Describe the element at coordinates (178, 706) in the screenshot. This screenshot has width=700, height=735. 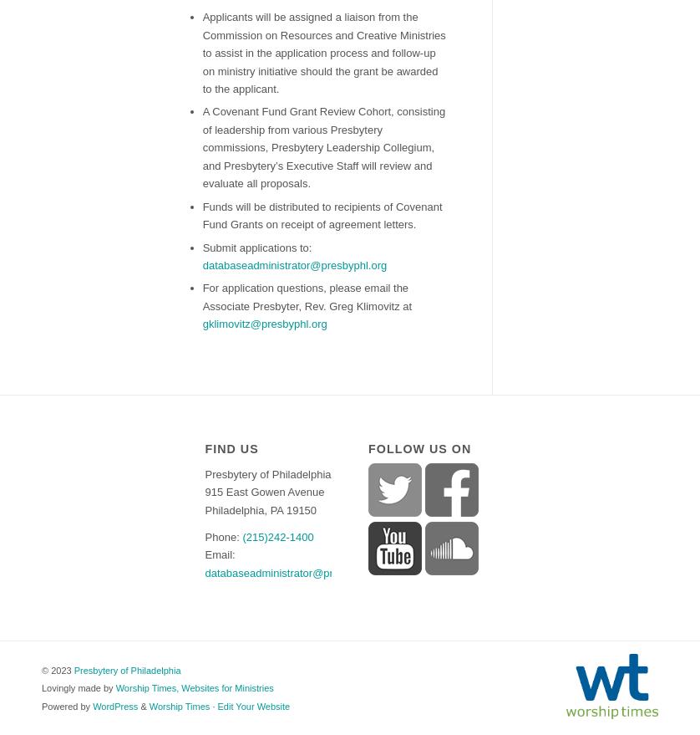
I see `'Worship
                    Times'` at that location.